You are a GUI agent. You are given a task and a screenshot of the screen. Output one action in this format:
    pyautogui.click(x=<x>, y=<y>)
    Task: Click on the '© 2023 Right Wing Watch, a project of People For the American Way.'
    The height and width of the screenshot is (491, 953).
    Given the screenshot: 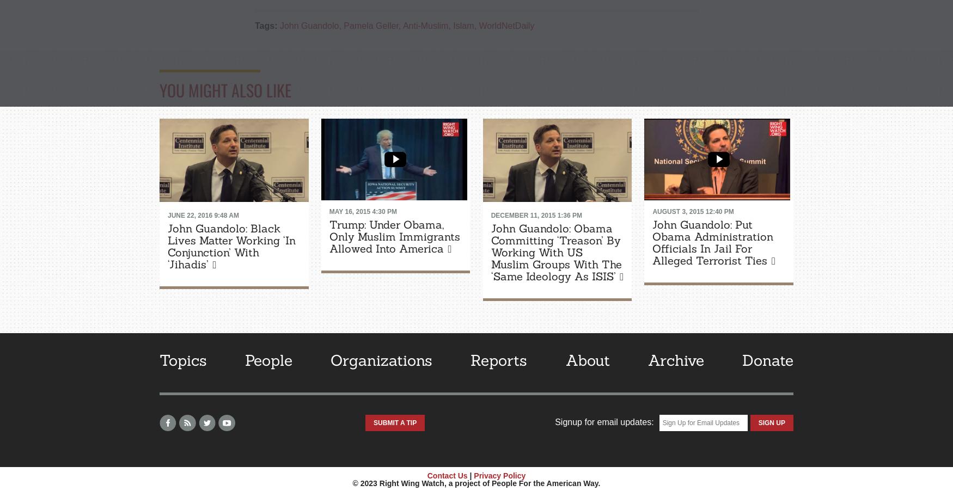 What is the action you would take?
    pyautogui.click(x=476, y=483)
    